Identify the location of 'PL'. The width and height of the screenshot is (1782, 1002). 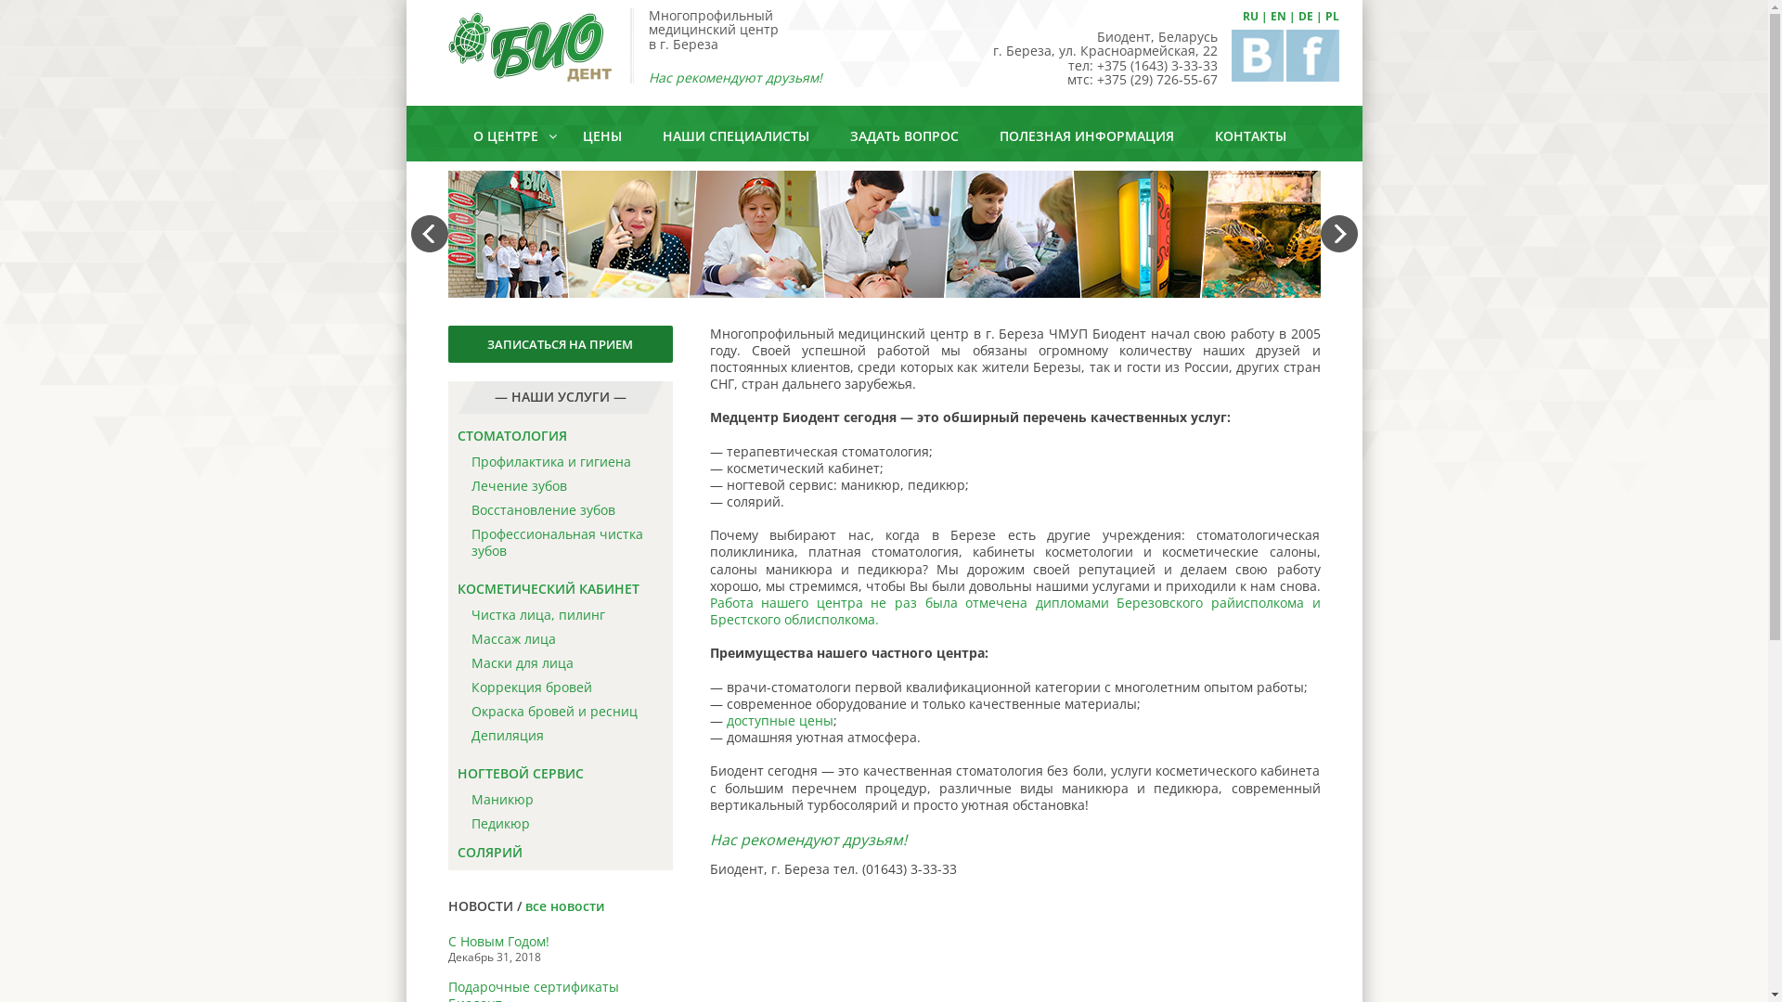
(1324, 16).